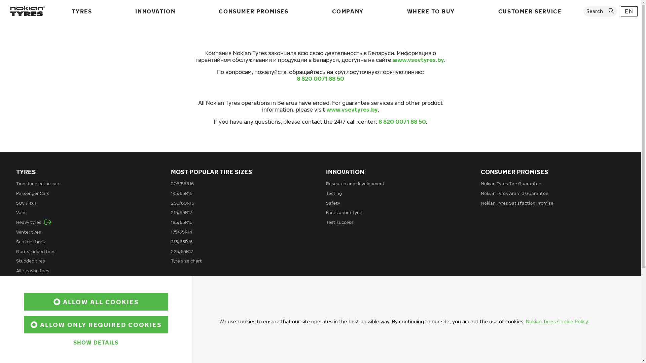  Describe the element at coordinates (38, 184) in the screenshot. I see `'Tires for electric cars'` at that location.